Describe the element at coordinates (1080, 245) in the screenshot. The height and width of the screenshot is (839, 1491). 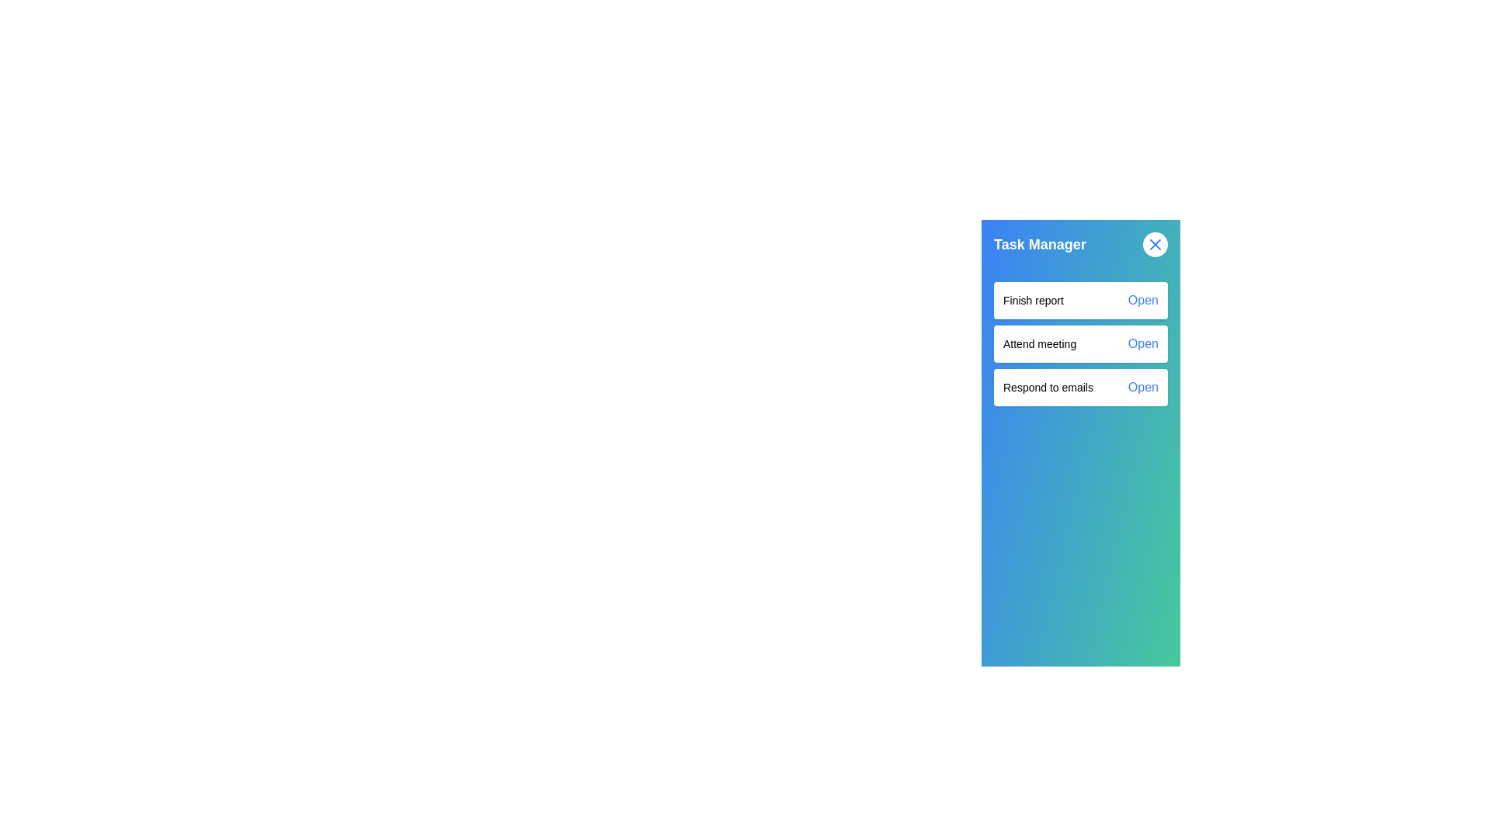
I see `title of the Header Component which displays 'Task Manager' in bold white font over a blue gradient background` at that location.